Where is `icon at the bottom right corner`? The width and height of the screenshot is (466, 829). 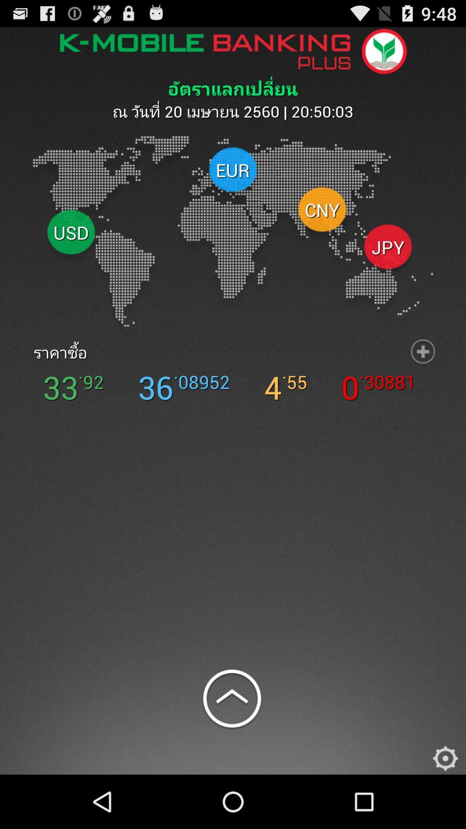 icon at the bottom right corner is located at coordinates (445, 756).